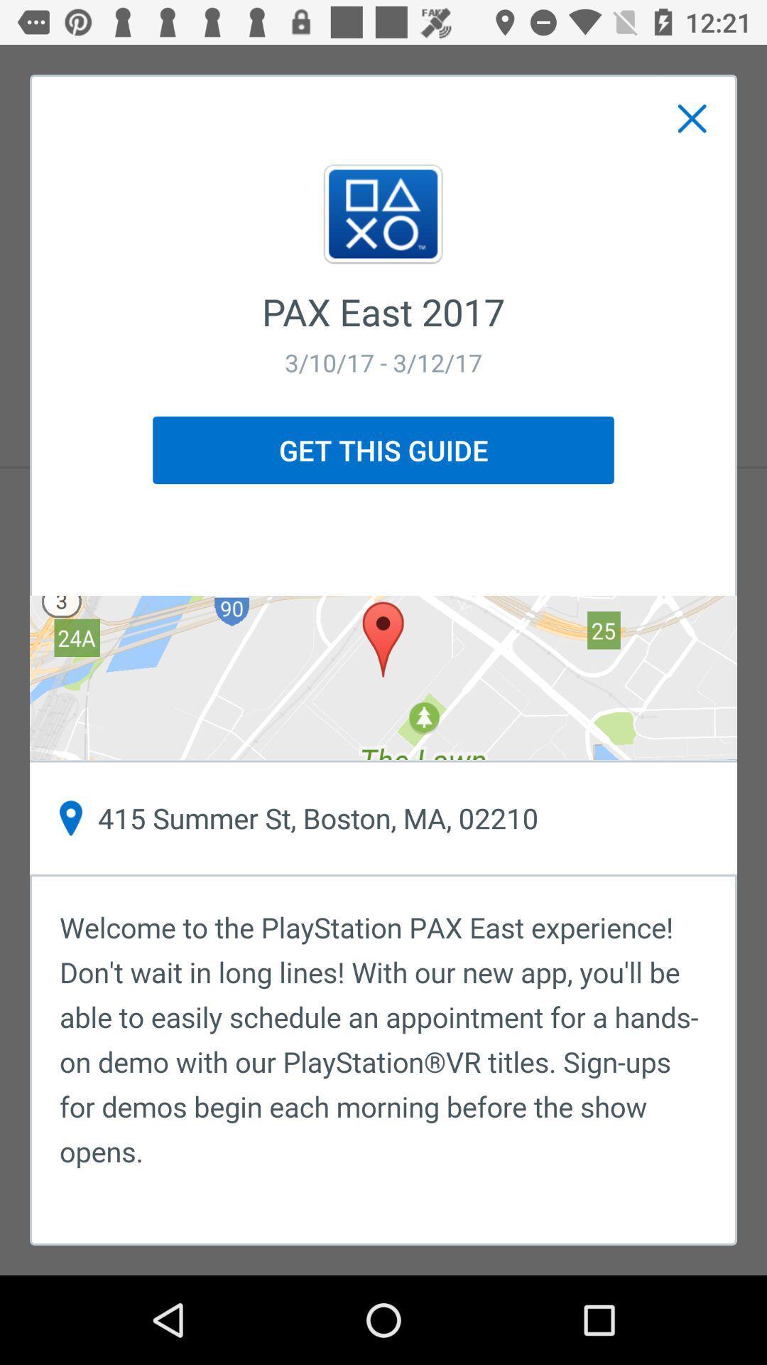  Describe the element at coordinates (383, 449) in the screenshot. I see `get this guide` at that location.